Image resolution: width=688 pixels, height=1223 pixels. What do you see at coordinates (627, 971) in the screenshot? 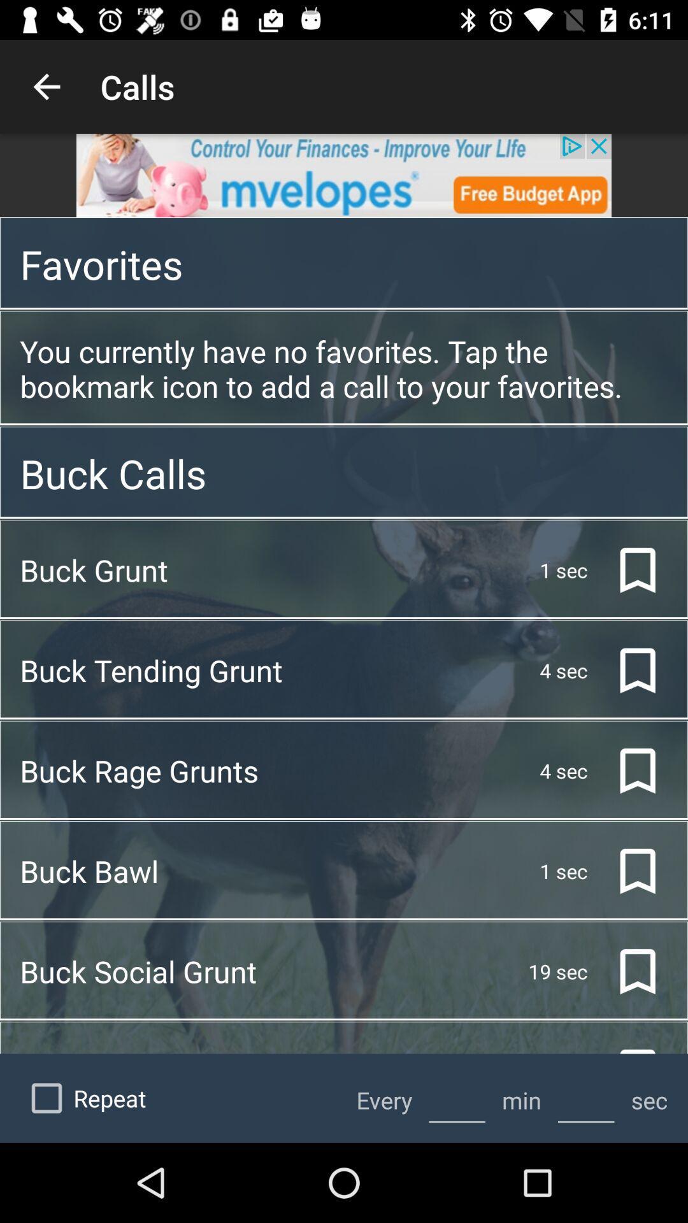
I see `the bookmark icon` at bounding box center [627, 971].